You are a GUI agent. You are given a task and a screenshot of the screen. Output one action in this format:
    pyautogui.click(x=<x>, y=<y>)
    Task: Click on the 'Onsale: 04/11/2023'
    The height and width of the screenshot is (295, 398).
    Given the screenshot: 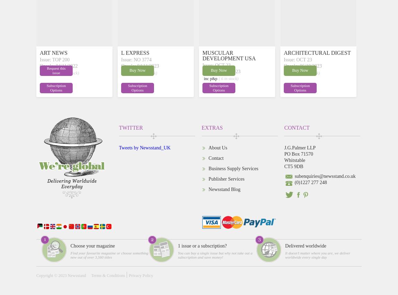 What is the action you would take?
    pyautogui.click(x=140, y=65)
    